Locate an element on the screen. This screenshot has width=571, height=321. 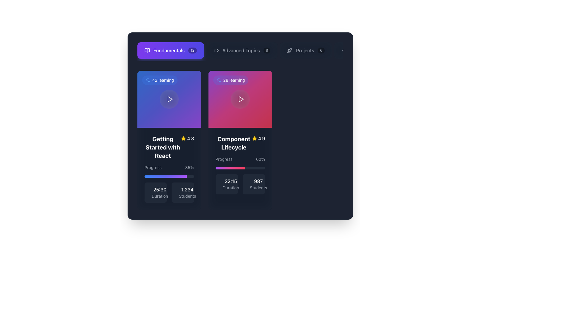
informational box displaying the numeric value '987' and the label 'Students', which is styled with a semi-transparent dark background and positioned in the second column of the grid layout is located at coordinates (254, 184).